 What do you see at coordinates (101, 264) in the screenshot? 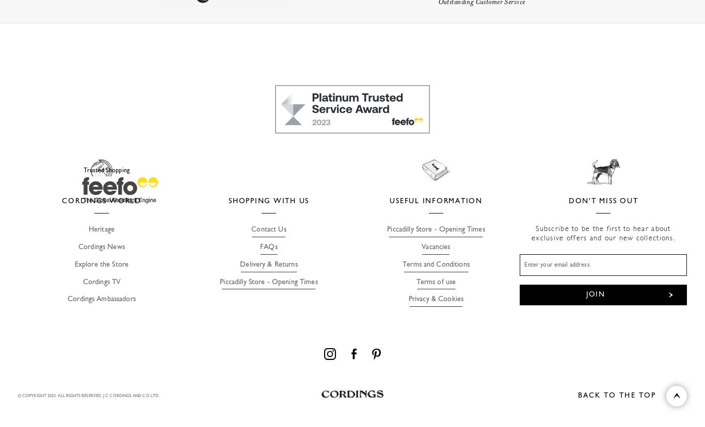
I see `'Explore the Store'` at bounding box center [101, 264].